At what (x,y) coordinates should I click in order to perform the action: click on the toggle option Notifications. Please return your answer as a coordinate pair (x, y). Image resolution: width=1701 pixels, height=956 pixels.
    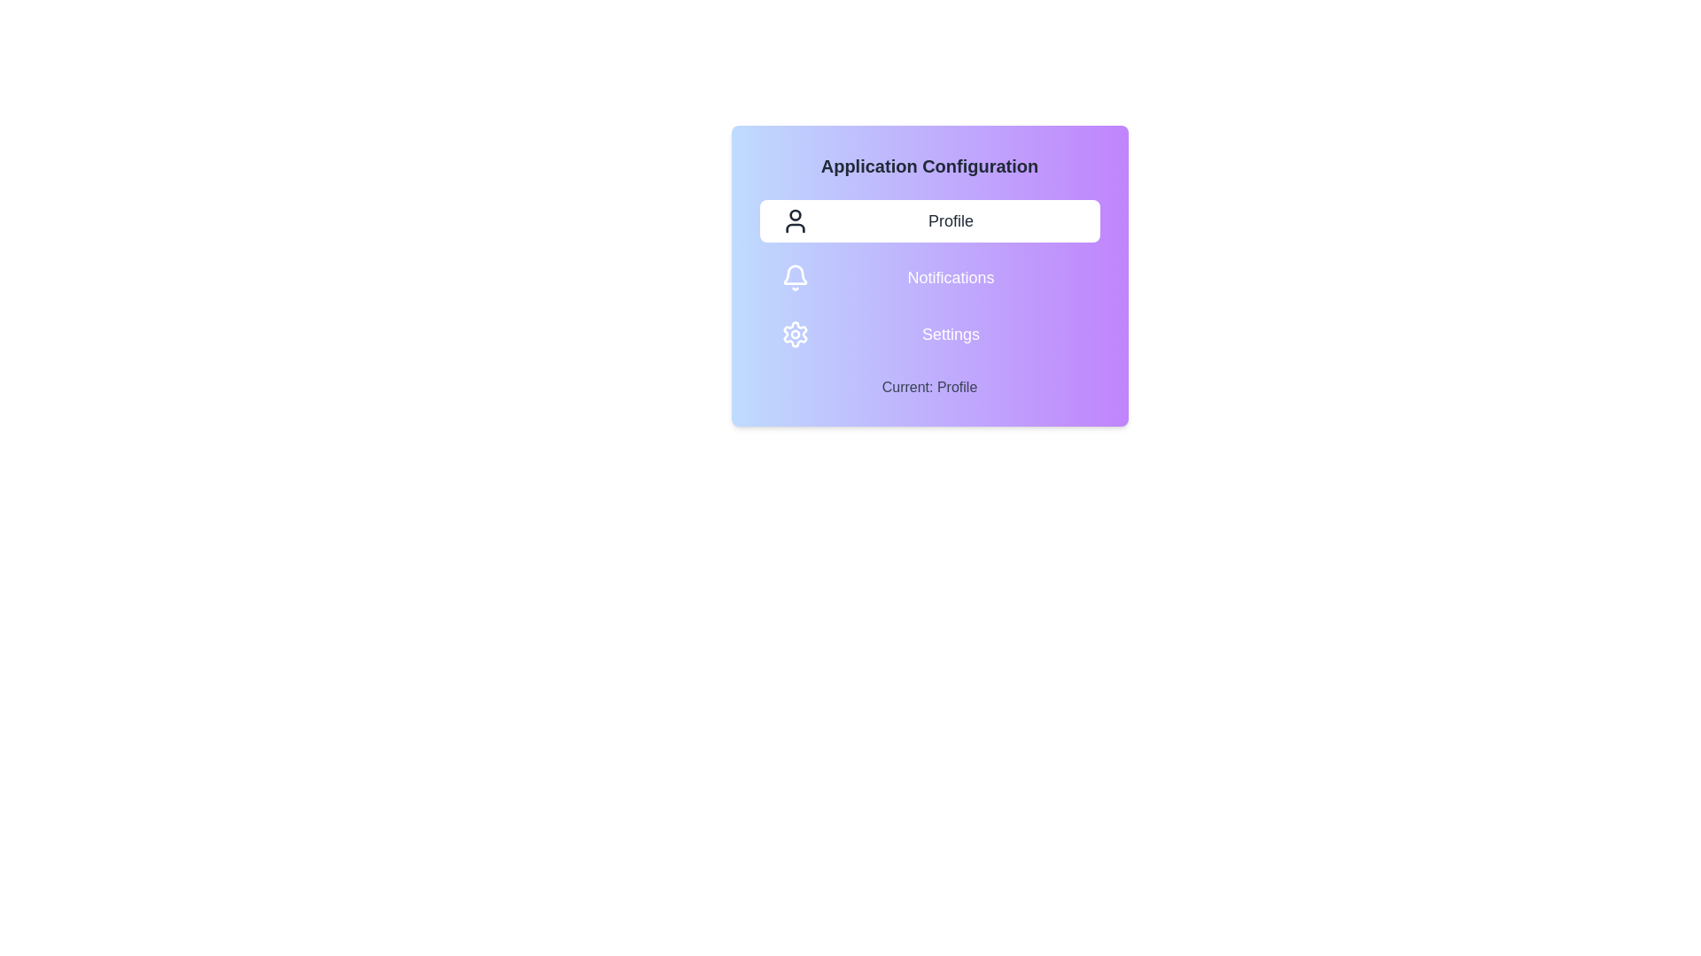
    Looking at the image, I should click on (928, 277).